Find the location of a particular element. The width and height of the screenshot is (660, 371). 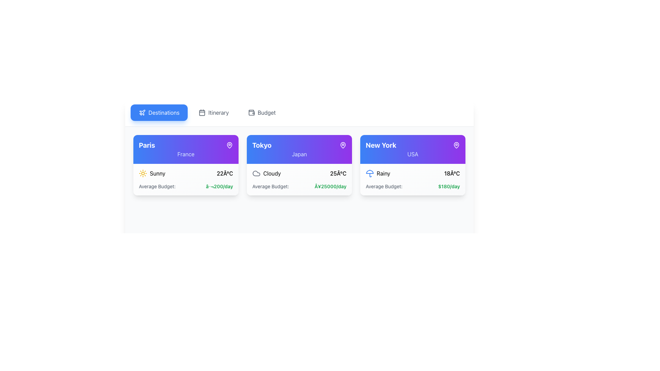

displayed temperature from the Text Label indicating the current temperature in the 'Tokyo' location, positioned in the top-right corner of the Tokyo card is located at coordinates (338, 173).